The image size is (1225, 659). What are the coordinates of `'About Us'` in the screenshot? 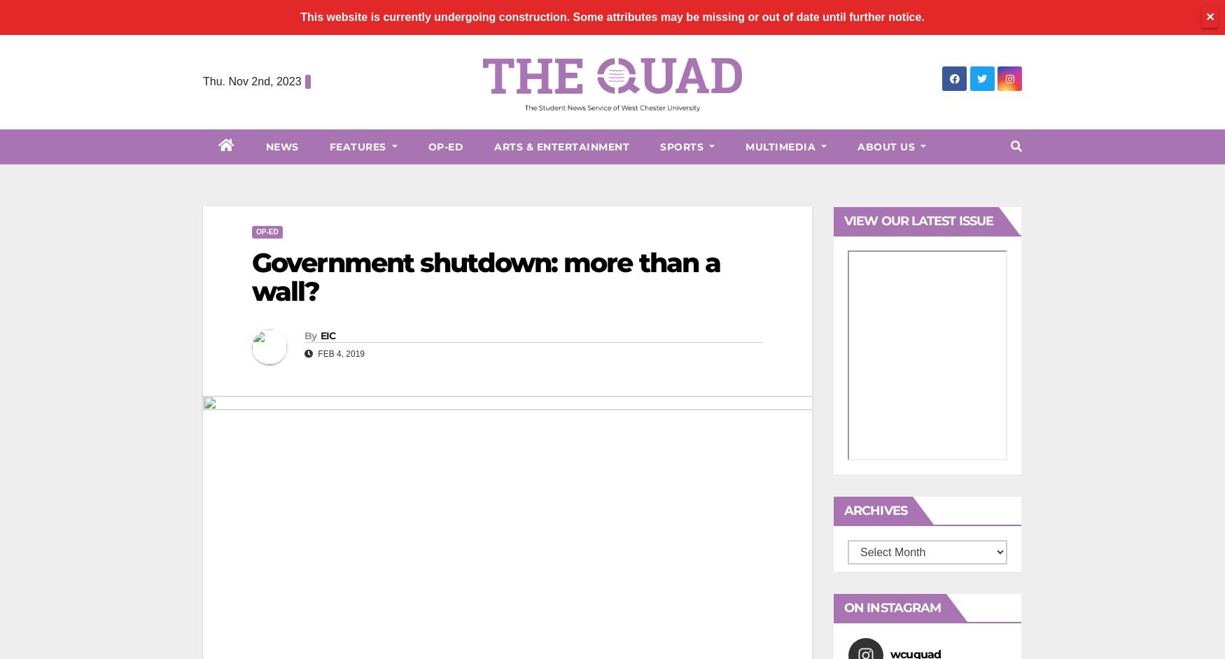 It's located at (887, 146).